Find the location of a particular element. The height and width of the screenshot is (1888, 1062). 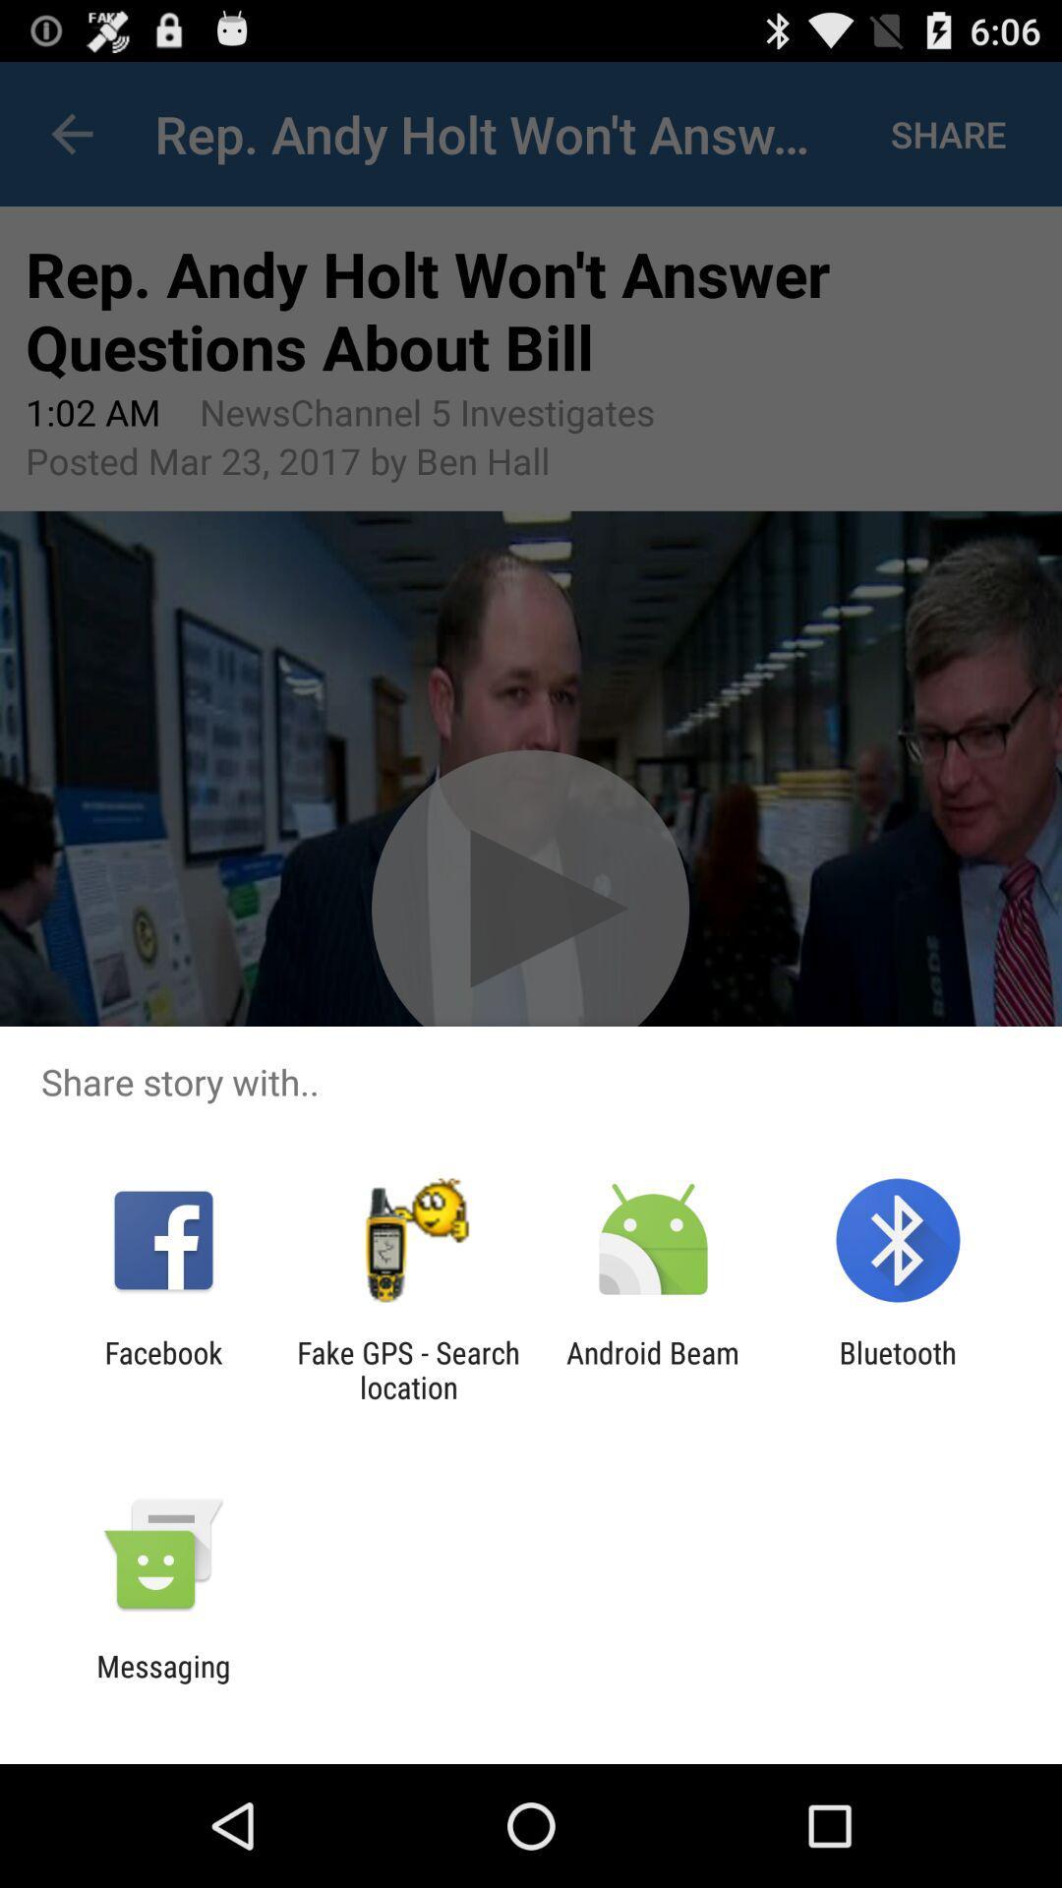

item next to the android beam app is located at coordinates (407, 1369).